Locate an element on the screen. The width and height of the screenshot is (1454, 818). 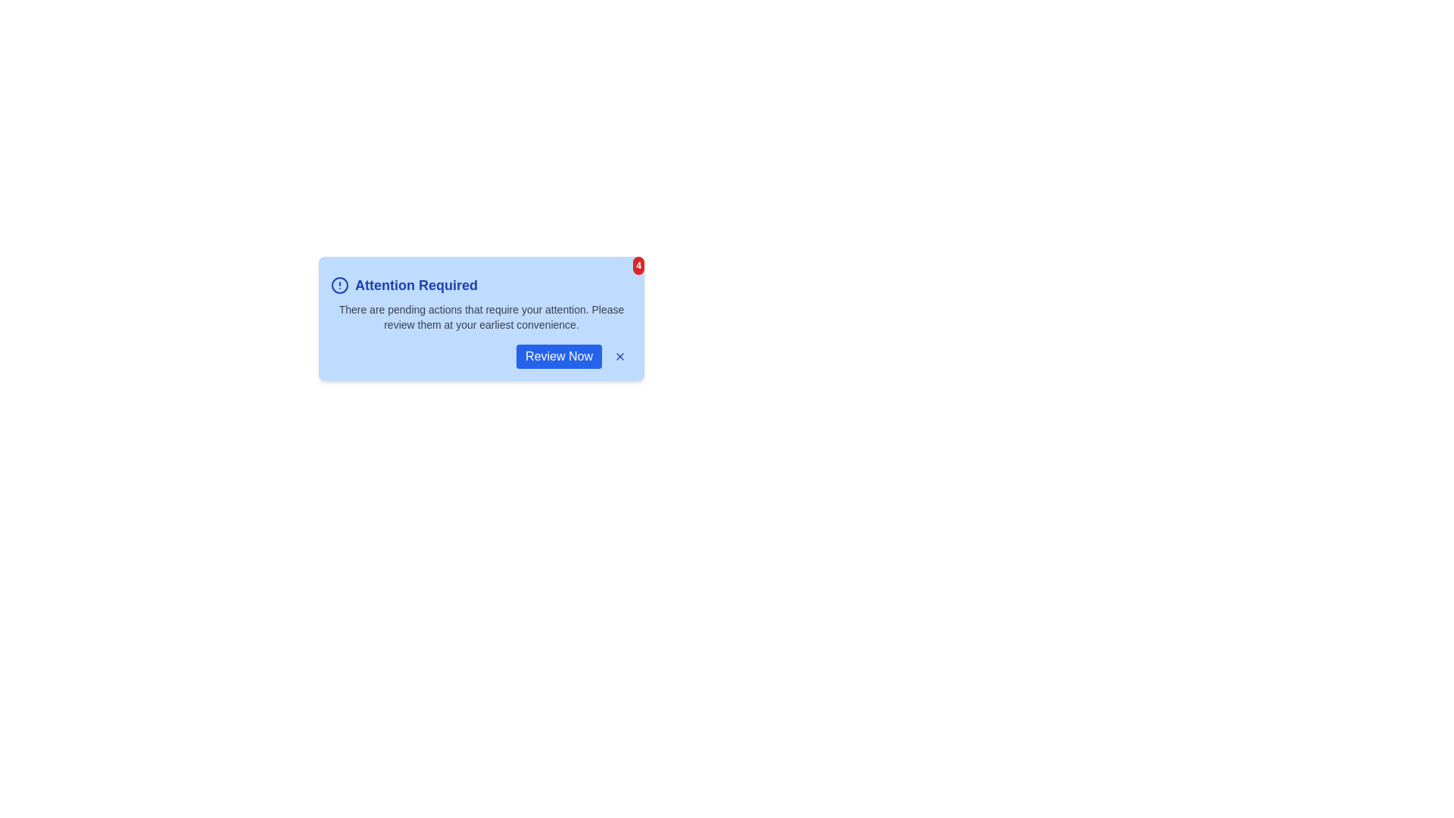
the bold blue text label reading 'Attention Required' to highlight it is located at coordinates (417, 286).